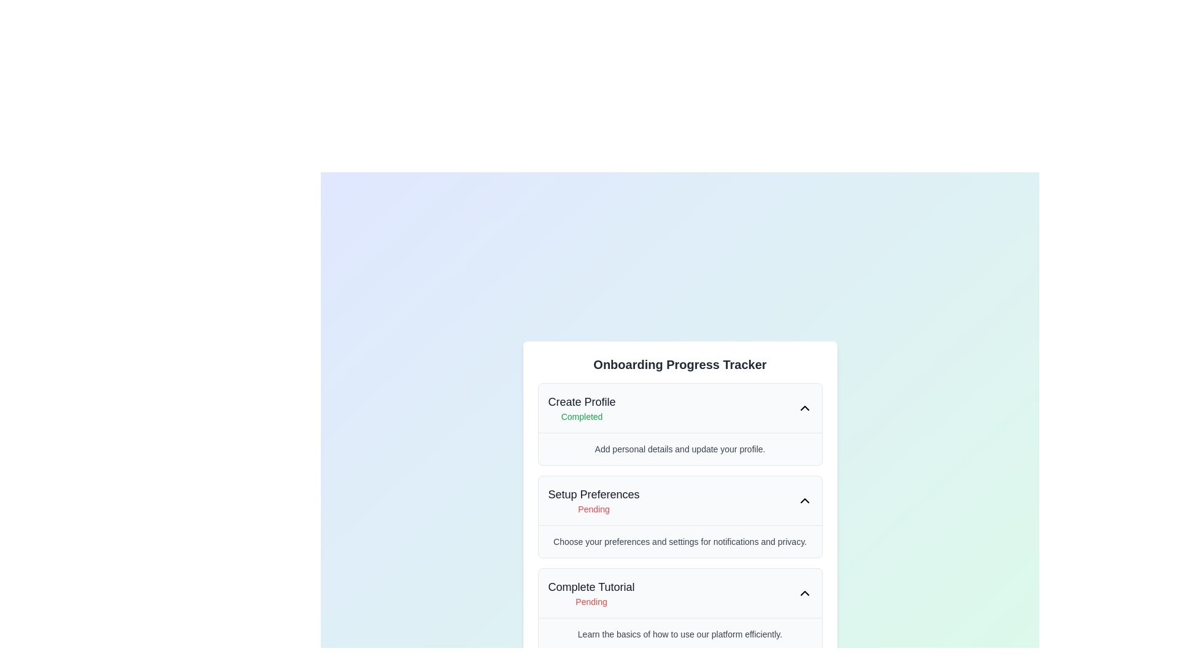  Describe the element at coordinates (679, 593) in the screenshot. I see `the interactive list item titled 'Complete Tutorial'` at that location.